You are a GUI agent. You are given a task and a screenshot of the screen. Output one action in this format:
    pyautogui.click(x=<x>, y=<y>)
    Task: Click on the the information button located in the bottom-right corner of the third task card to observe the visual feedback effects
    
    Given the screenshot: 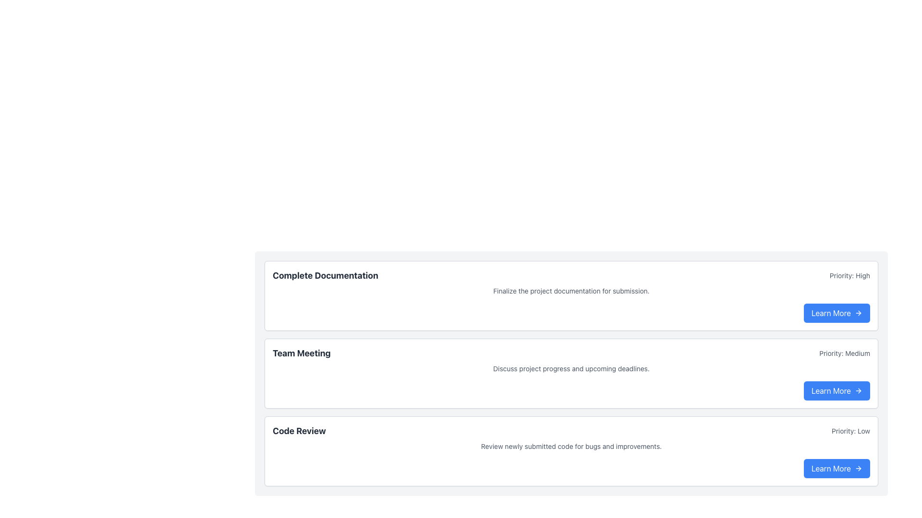 What is the action you would take?
    pyautogui.click(x=836, y=390)
    